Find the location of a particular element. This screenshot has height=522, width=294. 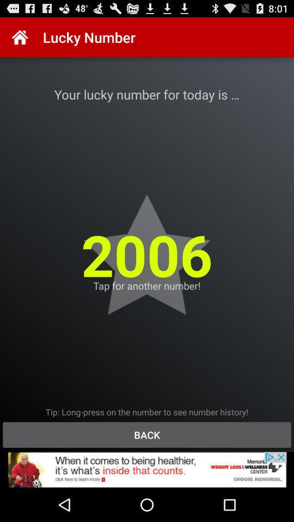

advertisement is located at coordinates (147, 469).